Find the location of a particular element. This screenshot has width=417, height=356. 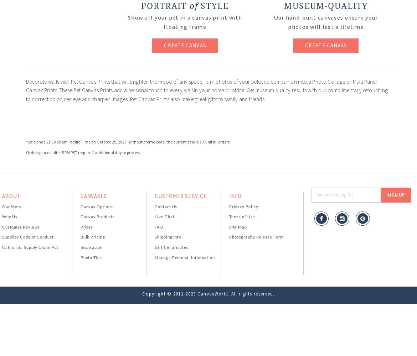

'Museum-Quality' is located at coordinates (284, 6).